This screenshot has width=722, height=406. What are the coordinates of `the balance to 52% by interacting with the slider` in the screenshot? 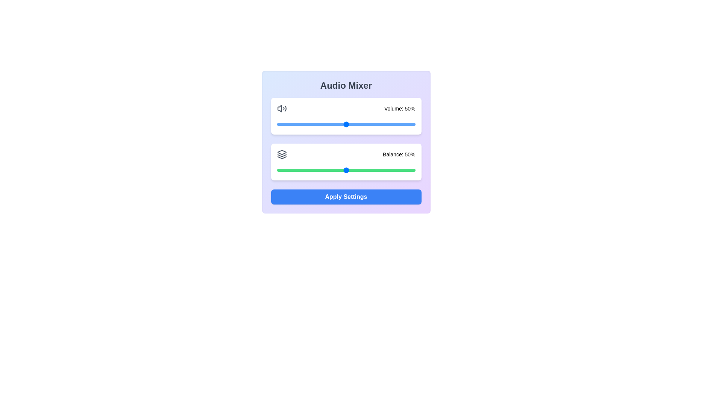 It's located at (348, 170).